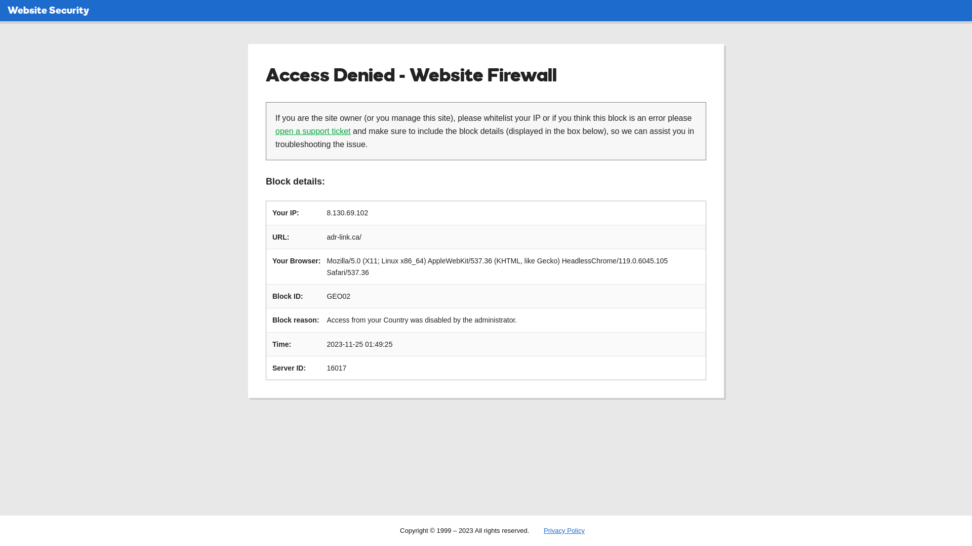  Describe the element at coordinates (563, 530) in the screenshot. I see `'Privacy Policy'` at that location.